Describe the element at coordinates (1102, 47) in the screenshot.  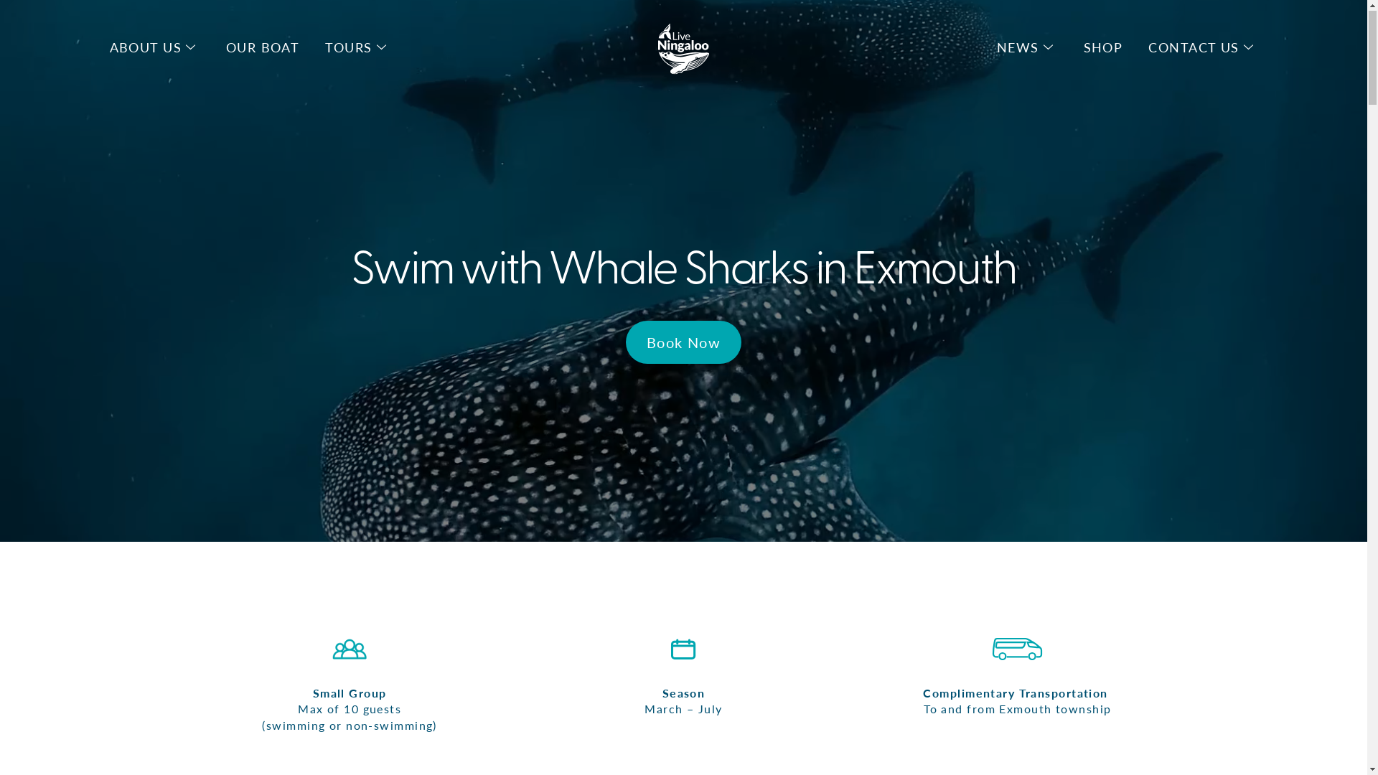
I see `'SHOP'` at that location.